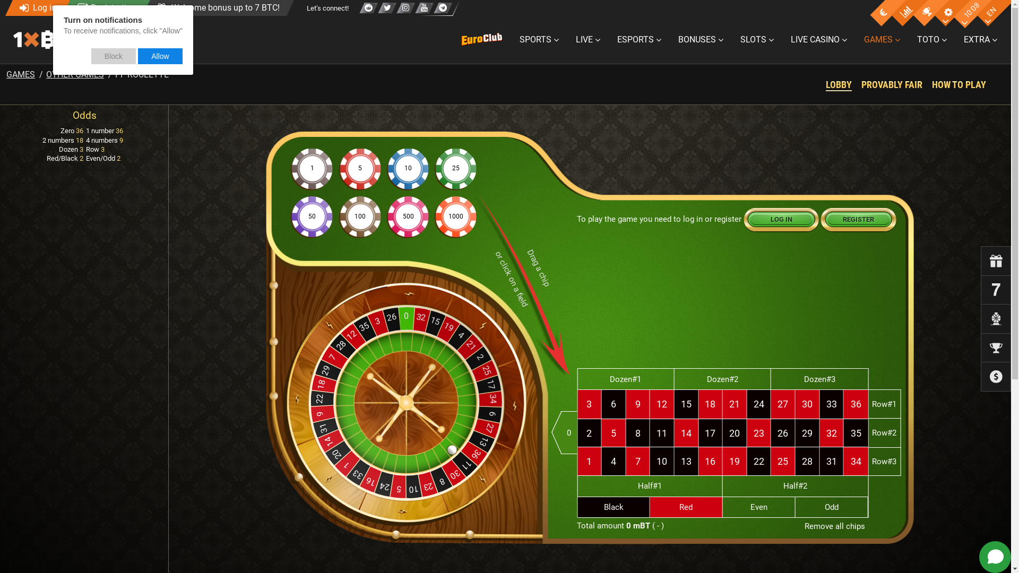  What do you see at coordinates (214, 8) in the screenshot?
I see `'Welcome bonus up to 7 BTC!'` at bounding box center [214, 8].